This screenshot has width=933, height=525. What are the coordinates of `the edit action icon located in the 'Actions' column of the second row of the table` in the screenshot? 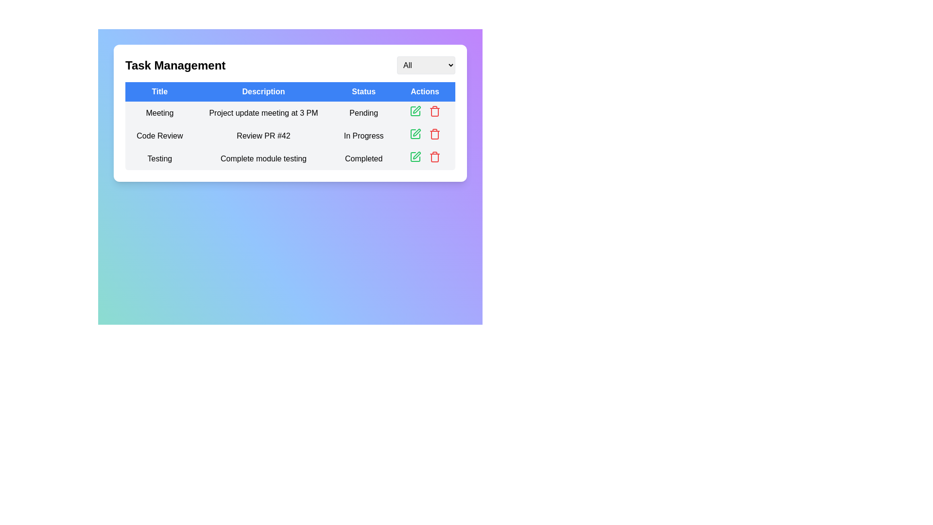 It's located at (416, 133).